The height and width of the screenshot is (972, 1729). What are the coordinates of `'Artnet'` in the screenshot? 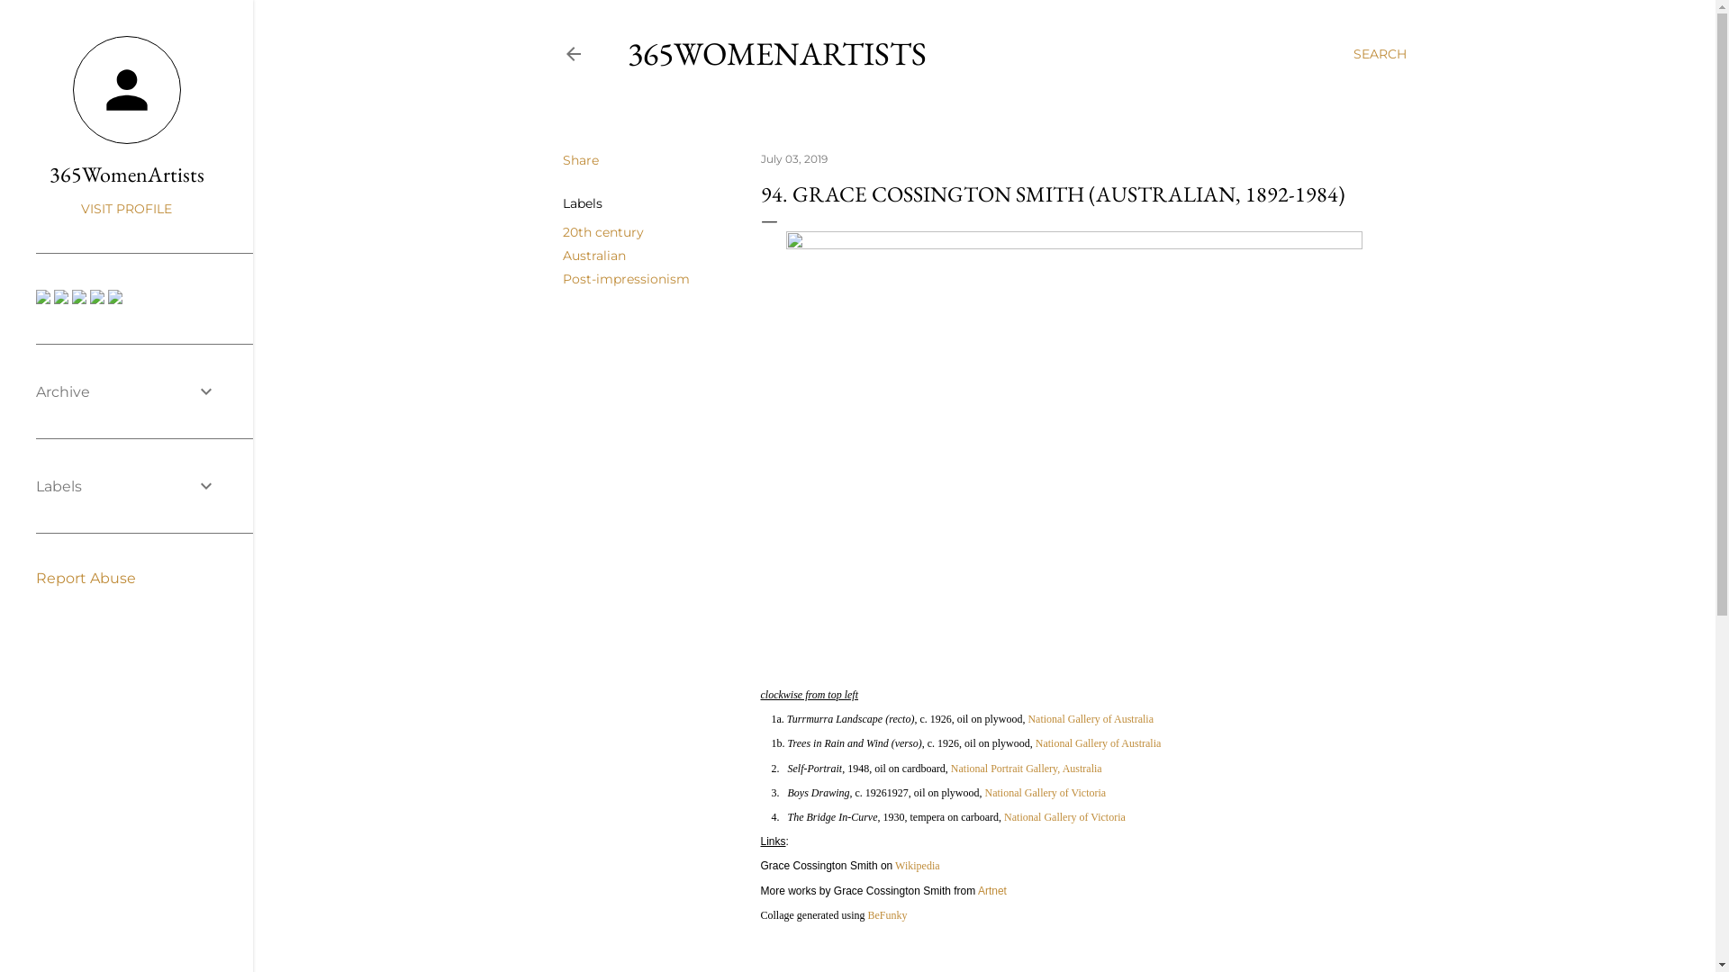 It's located at (991, 888).